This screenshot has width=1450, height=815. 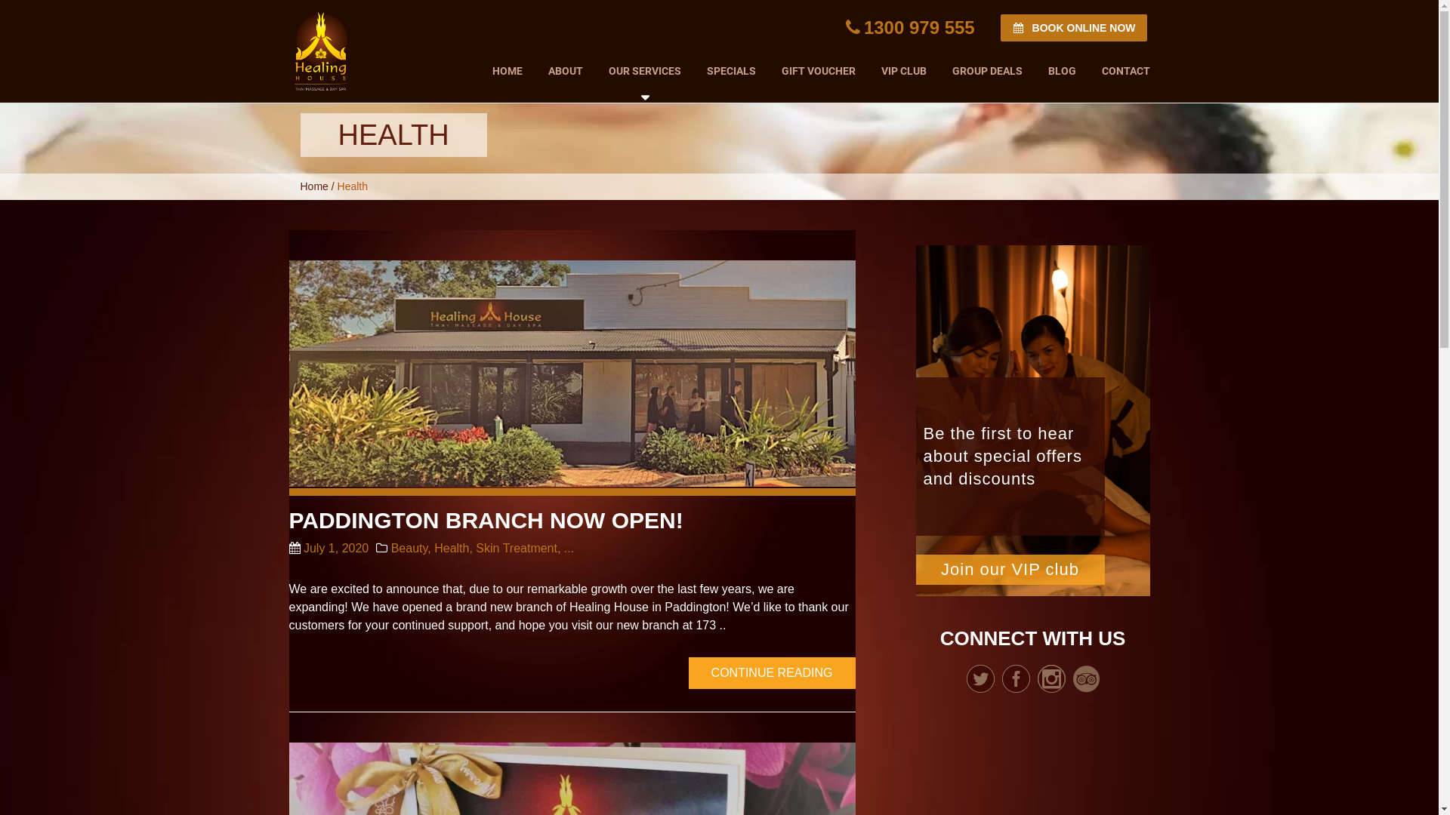 I want to click on 'VIP CLUB', so click(x=903, y=66).